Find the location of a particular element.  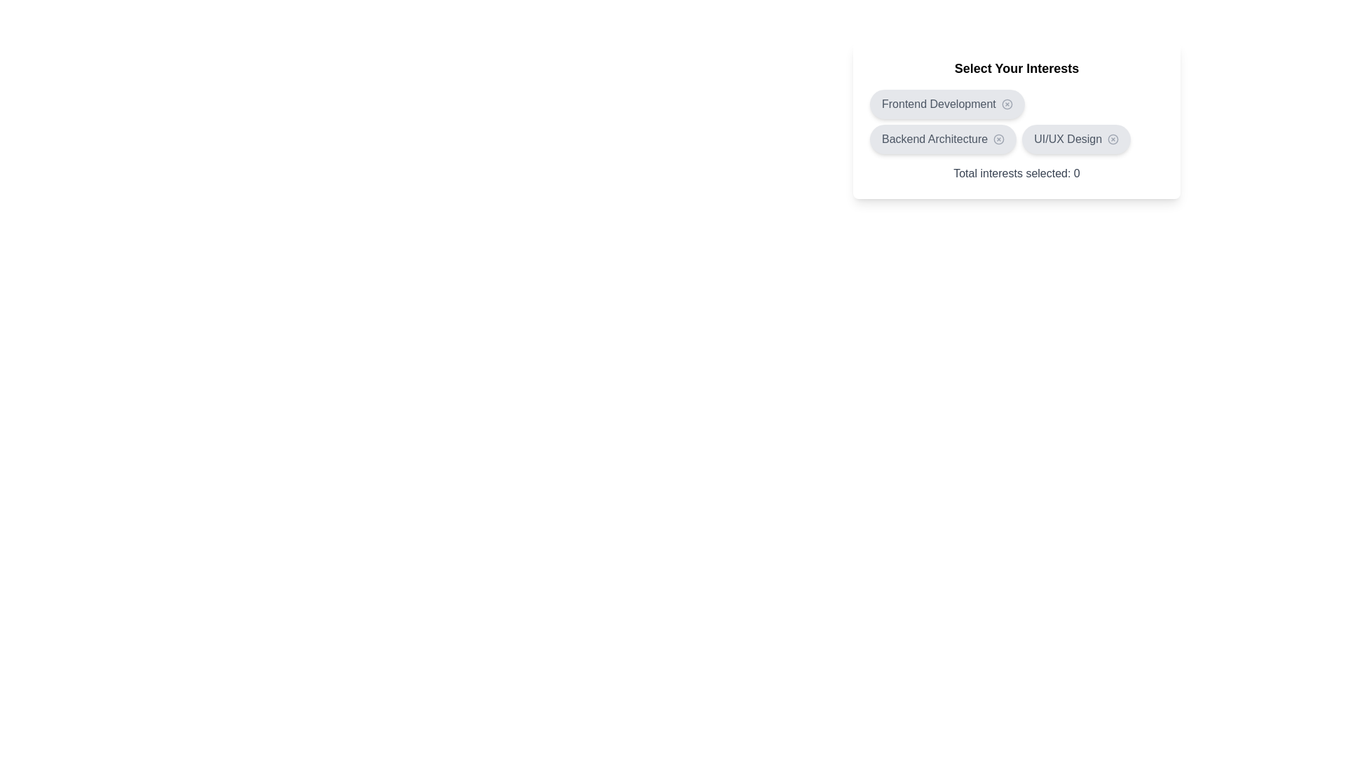

the Button-like icon associated with the 'Backend Architecture' label is located at coordinates (998, 139).